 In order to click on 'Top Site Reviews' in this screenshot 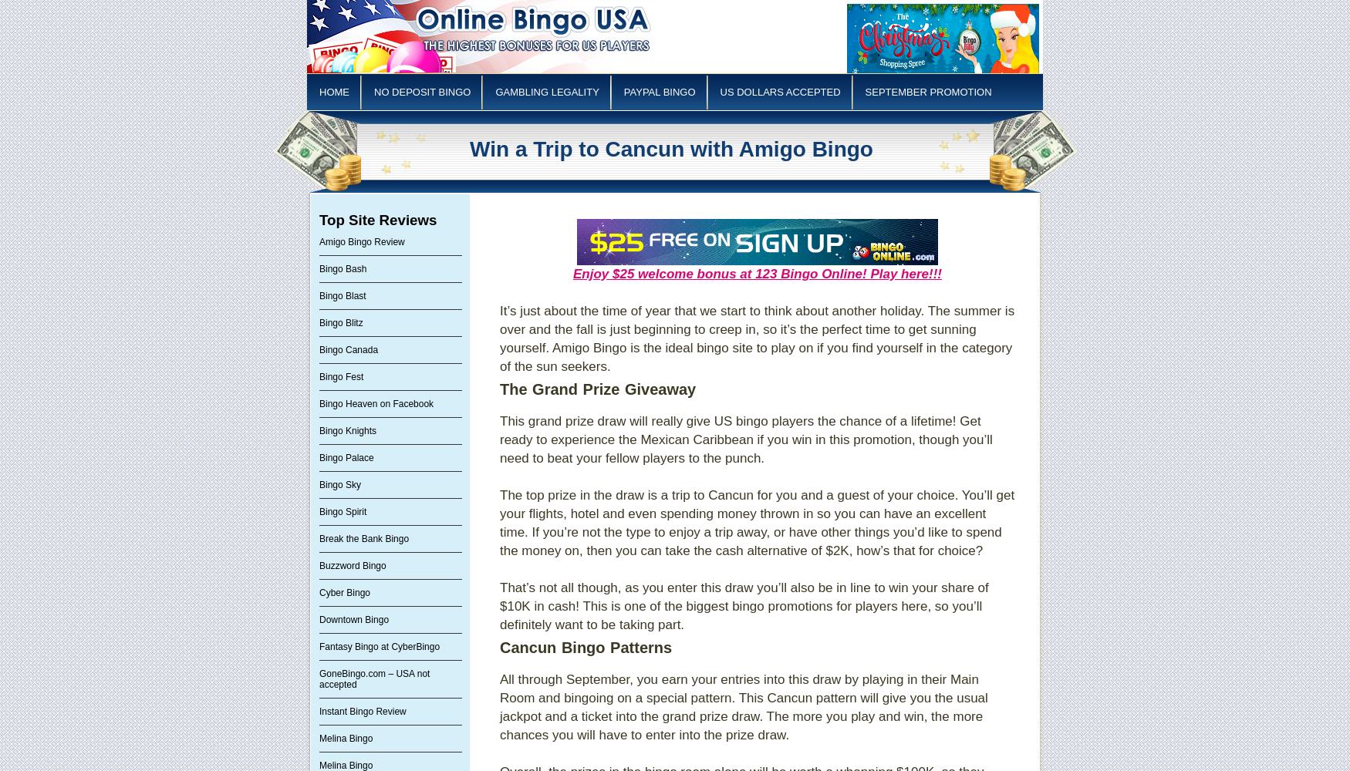, I will do `click(319, 220)`.